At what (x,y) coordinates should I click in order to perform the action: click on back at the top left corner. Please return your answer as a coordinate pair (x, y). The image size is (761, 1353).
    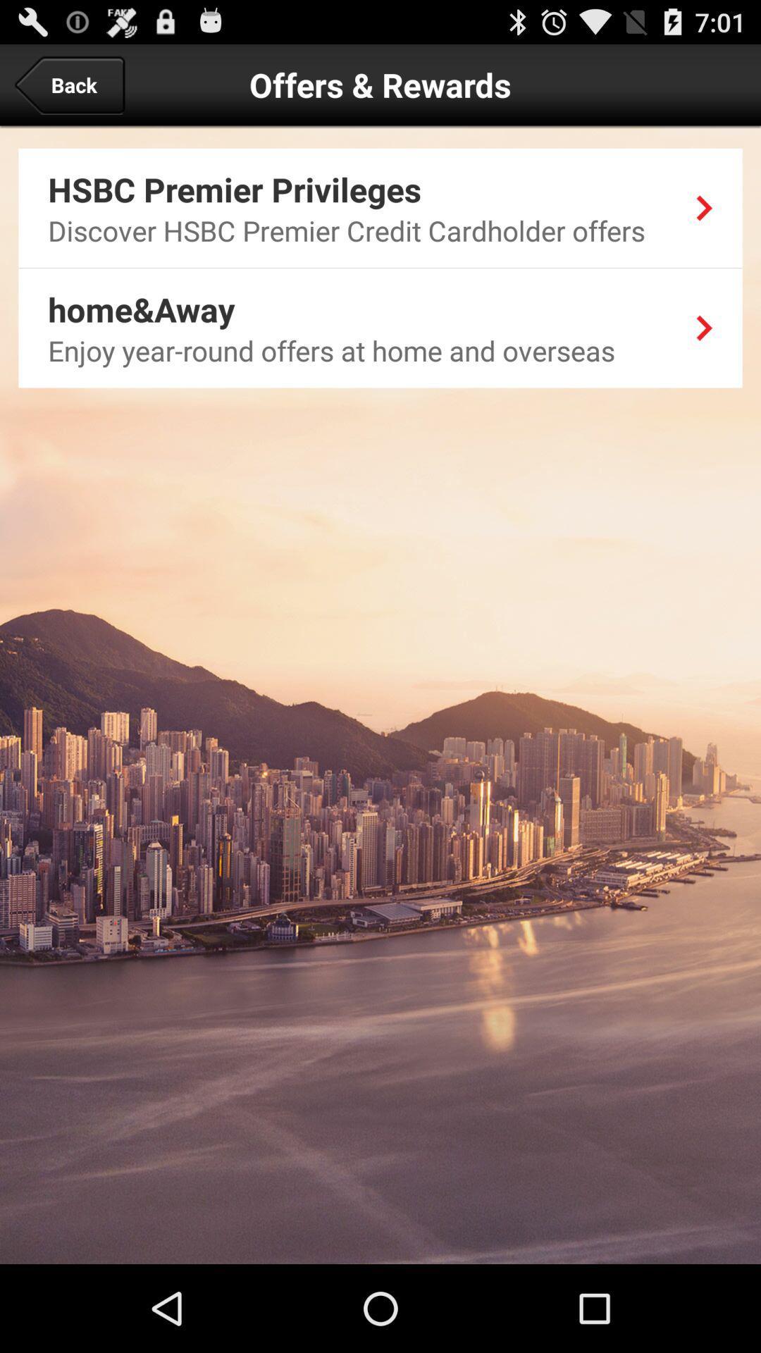
    Looking at the image, I should click on (68, 84).